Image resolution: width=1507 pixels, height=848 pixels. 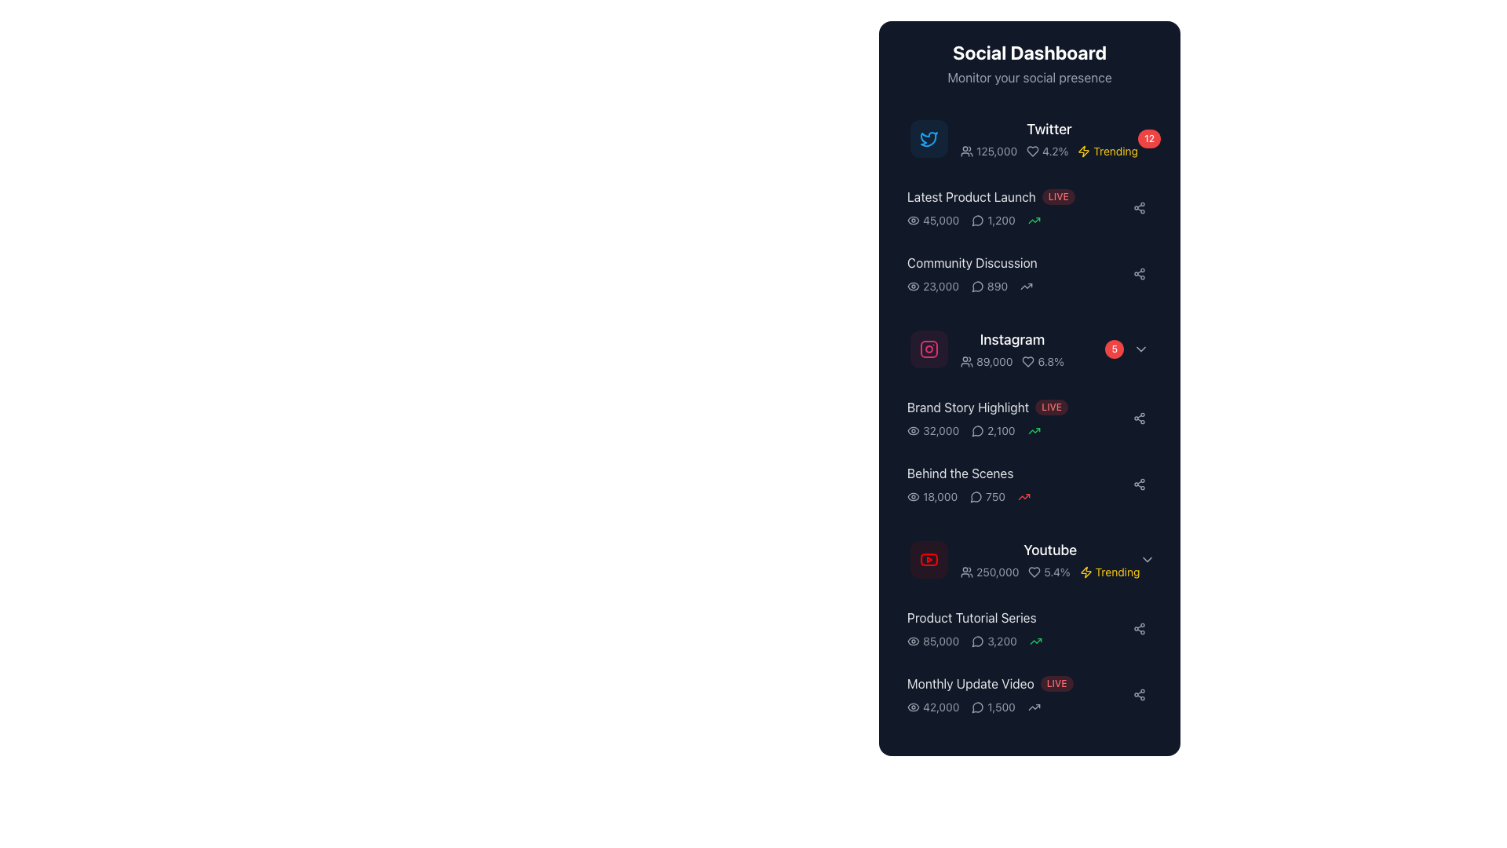 What do you see at coordinates (913, 430) in the screenshot?
I see `the icon representing the view count in the middle-right section of the 'Brand Story Highlight' row on the dashboard` at bounding box center [913, 430].